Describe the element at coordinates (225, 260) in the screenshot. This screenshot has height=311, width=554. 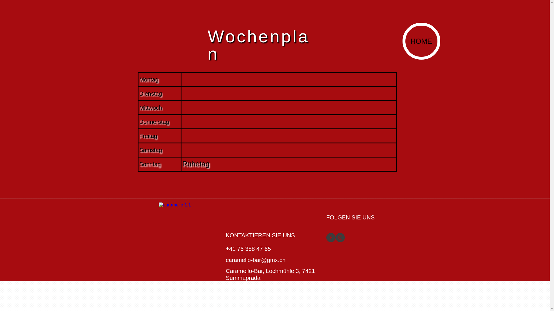
I see `'caramello-bar@gmx.ch'` at that location.